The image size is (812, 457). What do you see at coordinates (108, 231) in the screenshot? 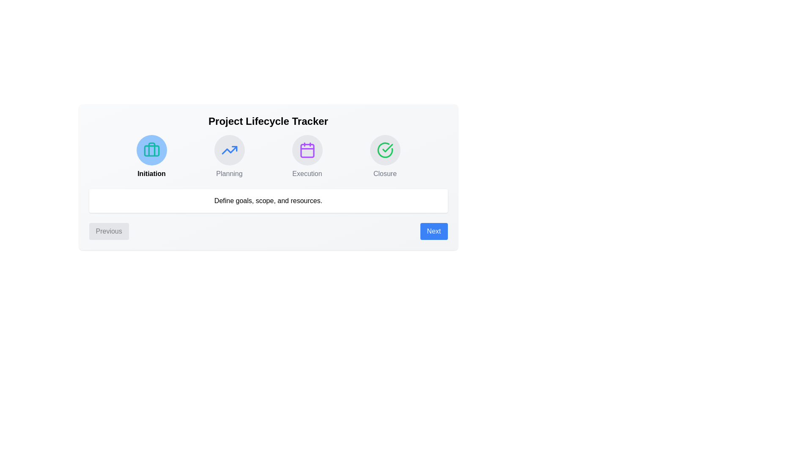
I see `the Previous button to navigate between steps` at bounding box center [108, 231].